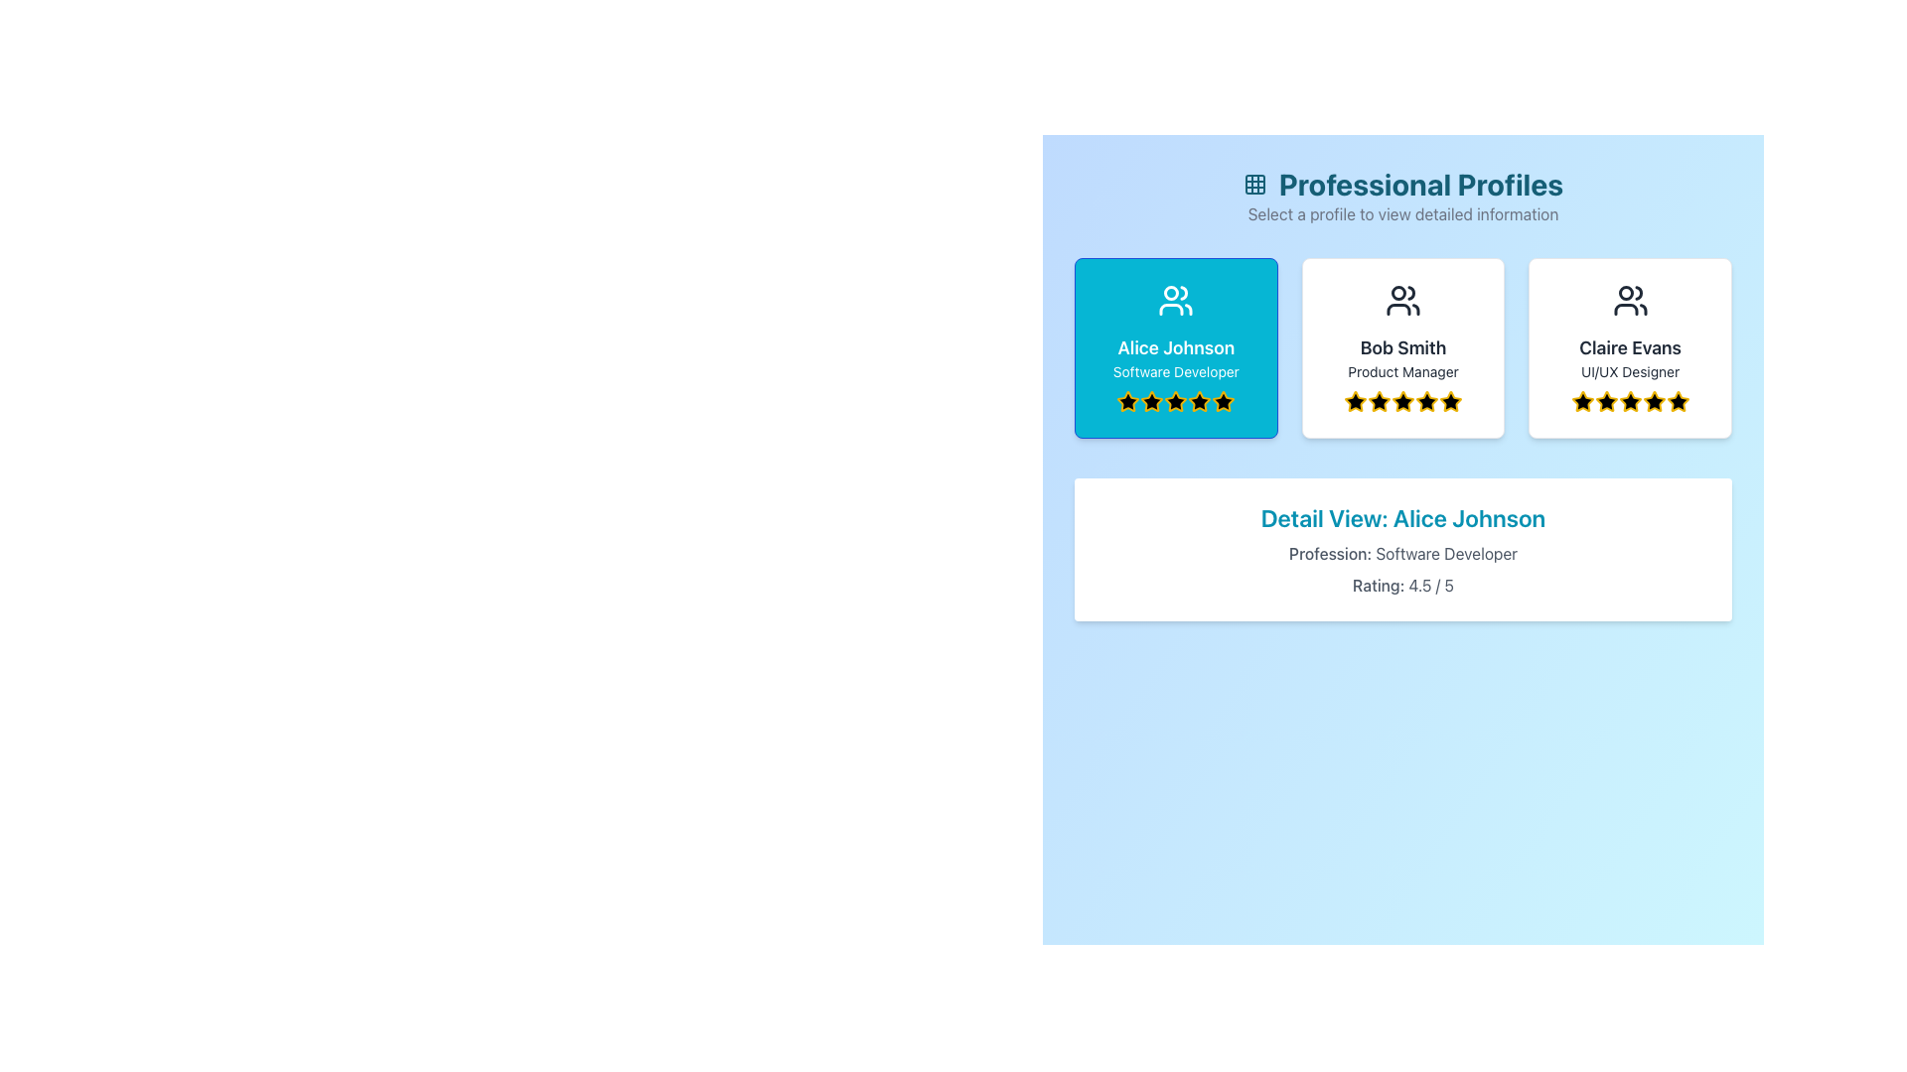  What do you see at coordinates (1401, 301) in the screenshot?
I see `the black icon representing two human silhouettes, which is centered within the white card labeled 'Bob Smith Product Manager'` at bounding box center [1401, 301].